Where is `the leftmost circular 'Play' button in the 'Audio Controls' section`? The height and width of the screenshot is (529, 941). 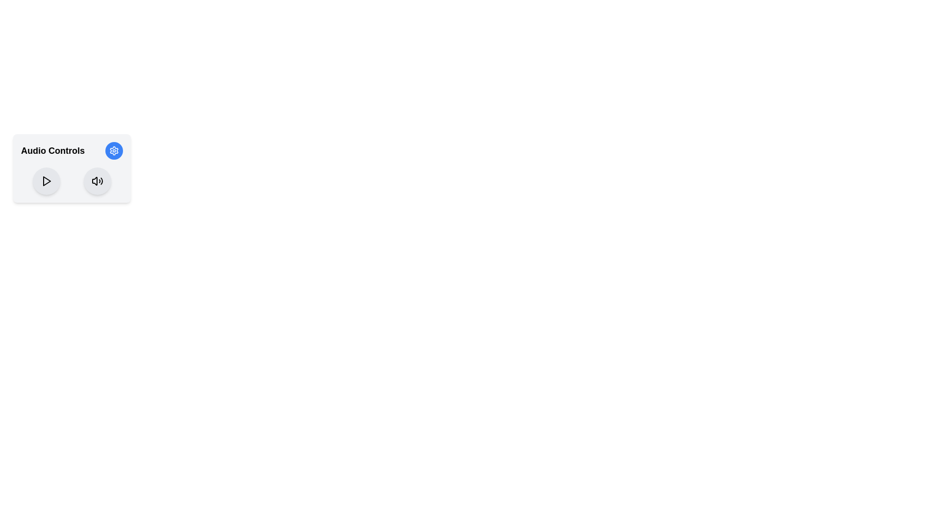
the leftmost circular 'Play' button in the 'Audio Controls' section is located at coordinates (46, 181).